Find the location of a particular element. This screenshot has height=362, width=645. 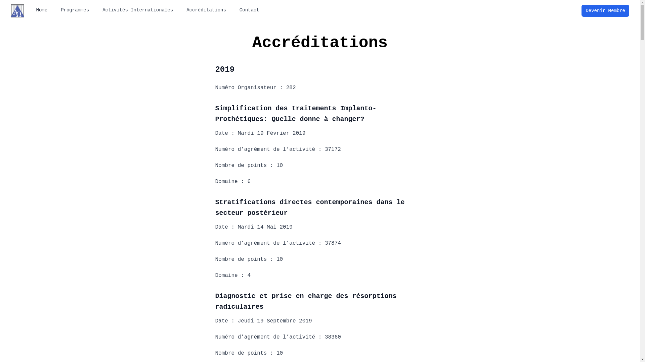

'Programmes' is located at coordinates (75, 10).